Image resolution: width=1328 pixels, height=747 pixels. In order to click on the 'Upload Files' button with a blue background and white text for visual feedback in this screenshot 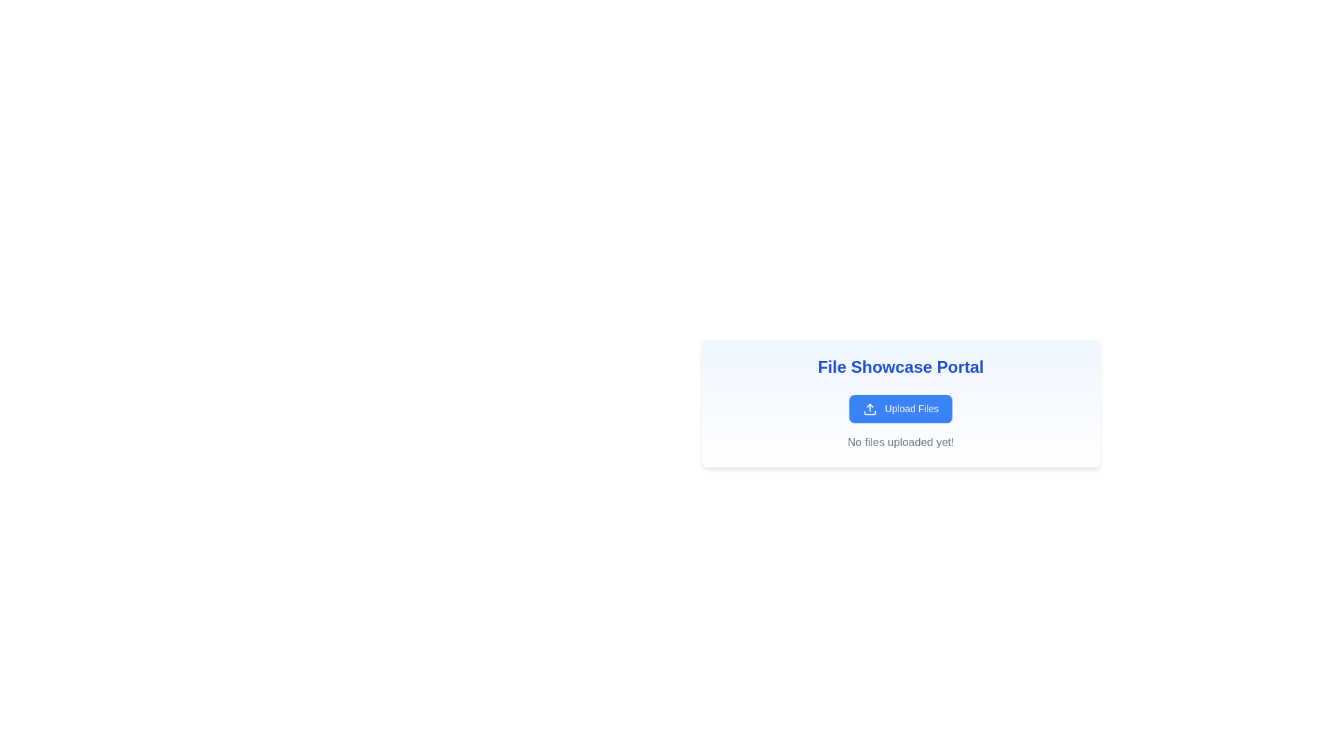, I will do `click(901, 408)`.